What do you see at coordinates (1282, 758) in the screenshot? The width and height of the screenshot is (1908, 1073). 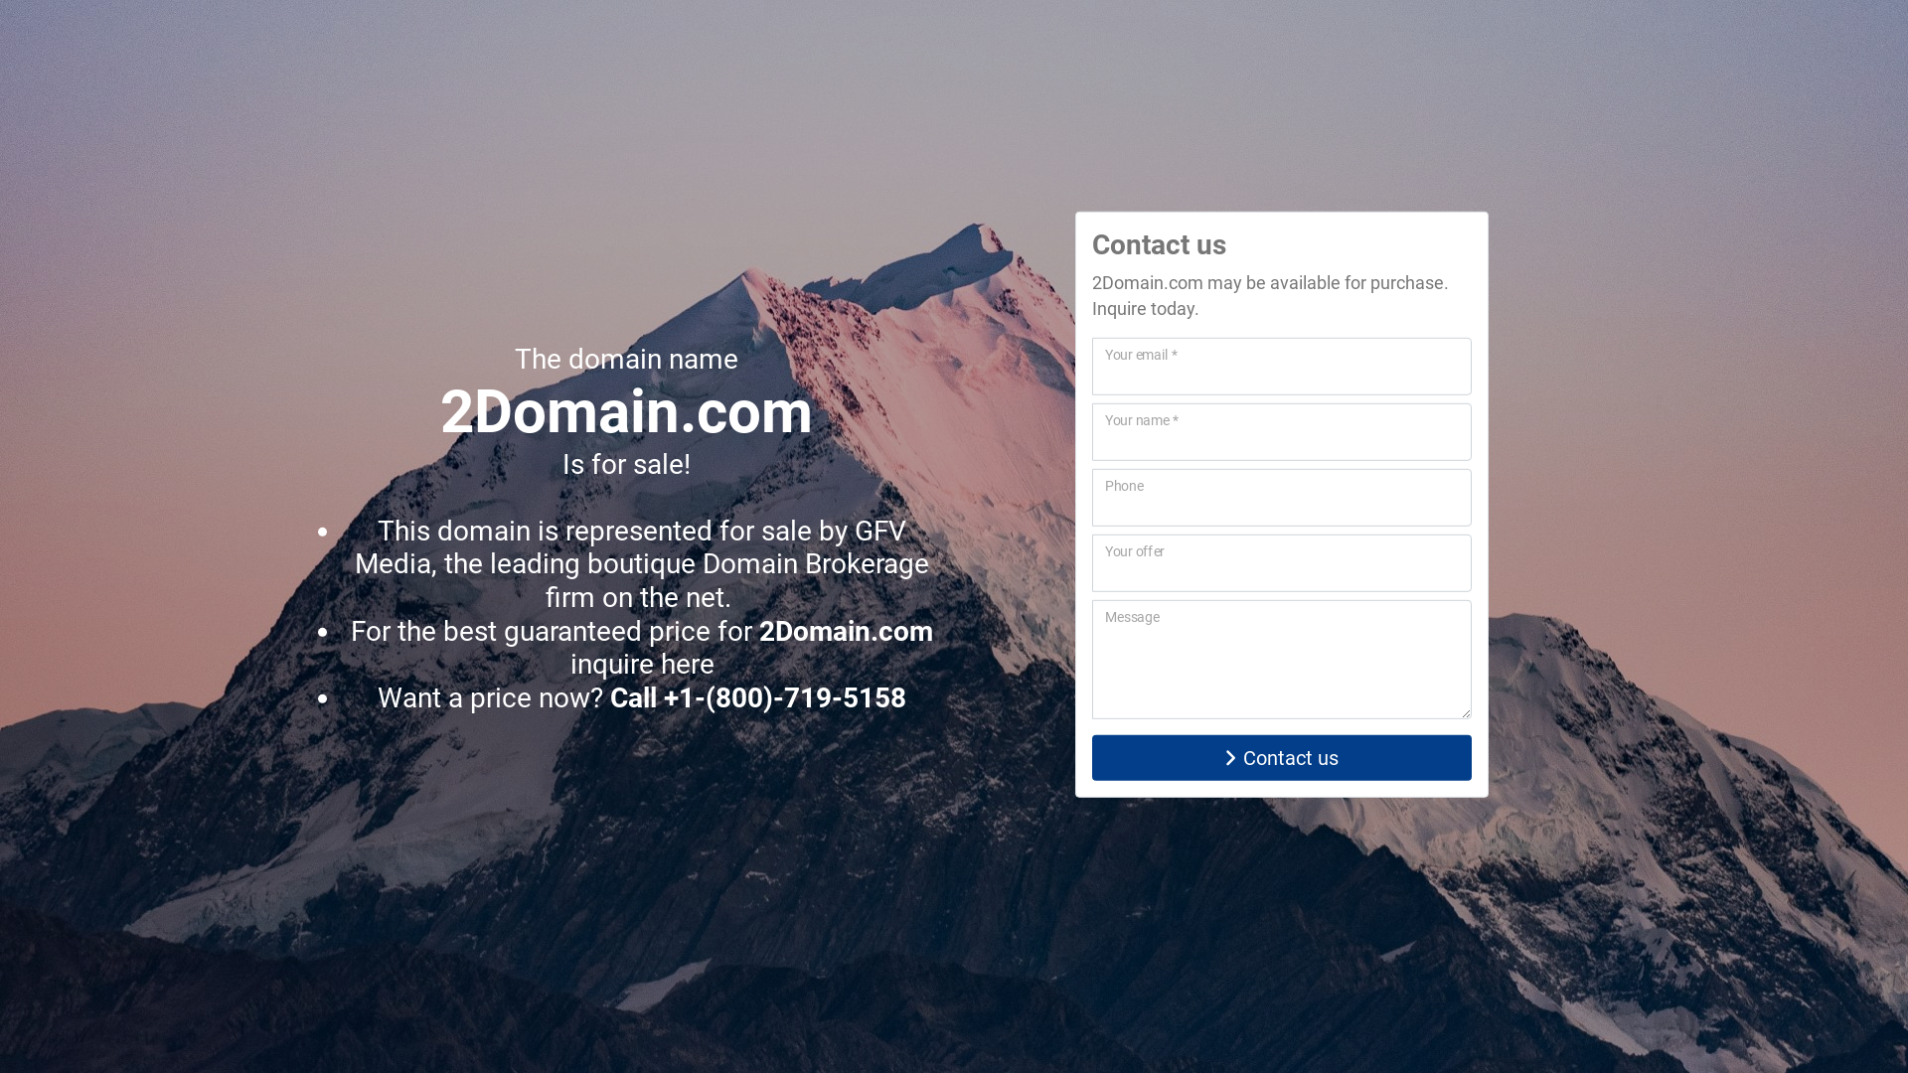 I see `'Contact us'` at bounding box center [1282, 758].